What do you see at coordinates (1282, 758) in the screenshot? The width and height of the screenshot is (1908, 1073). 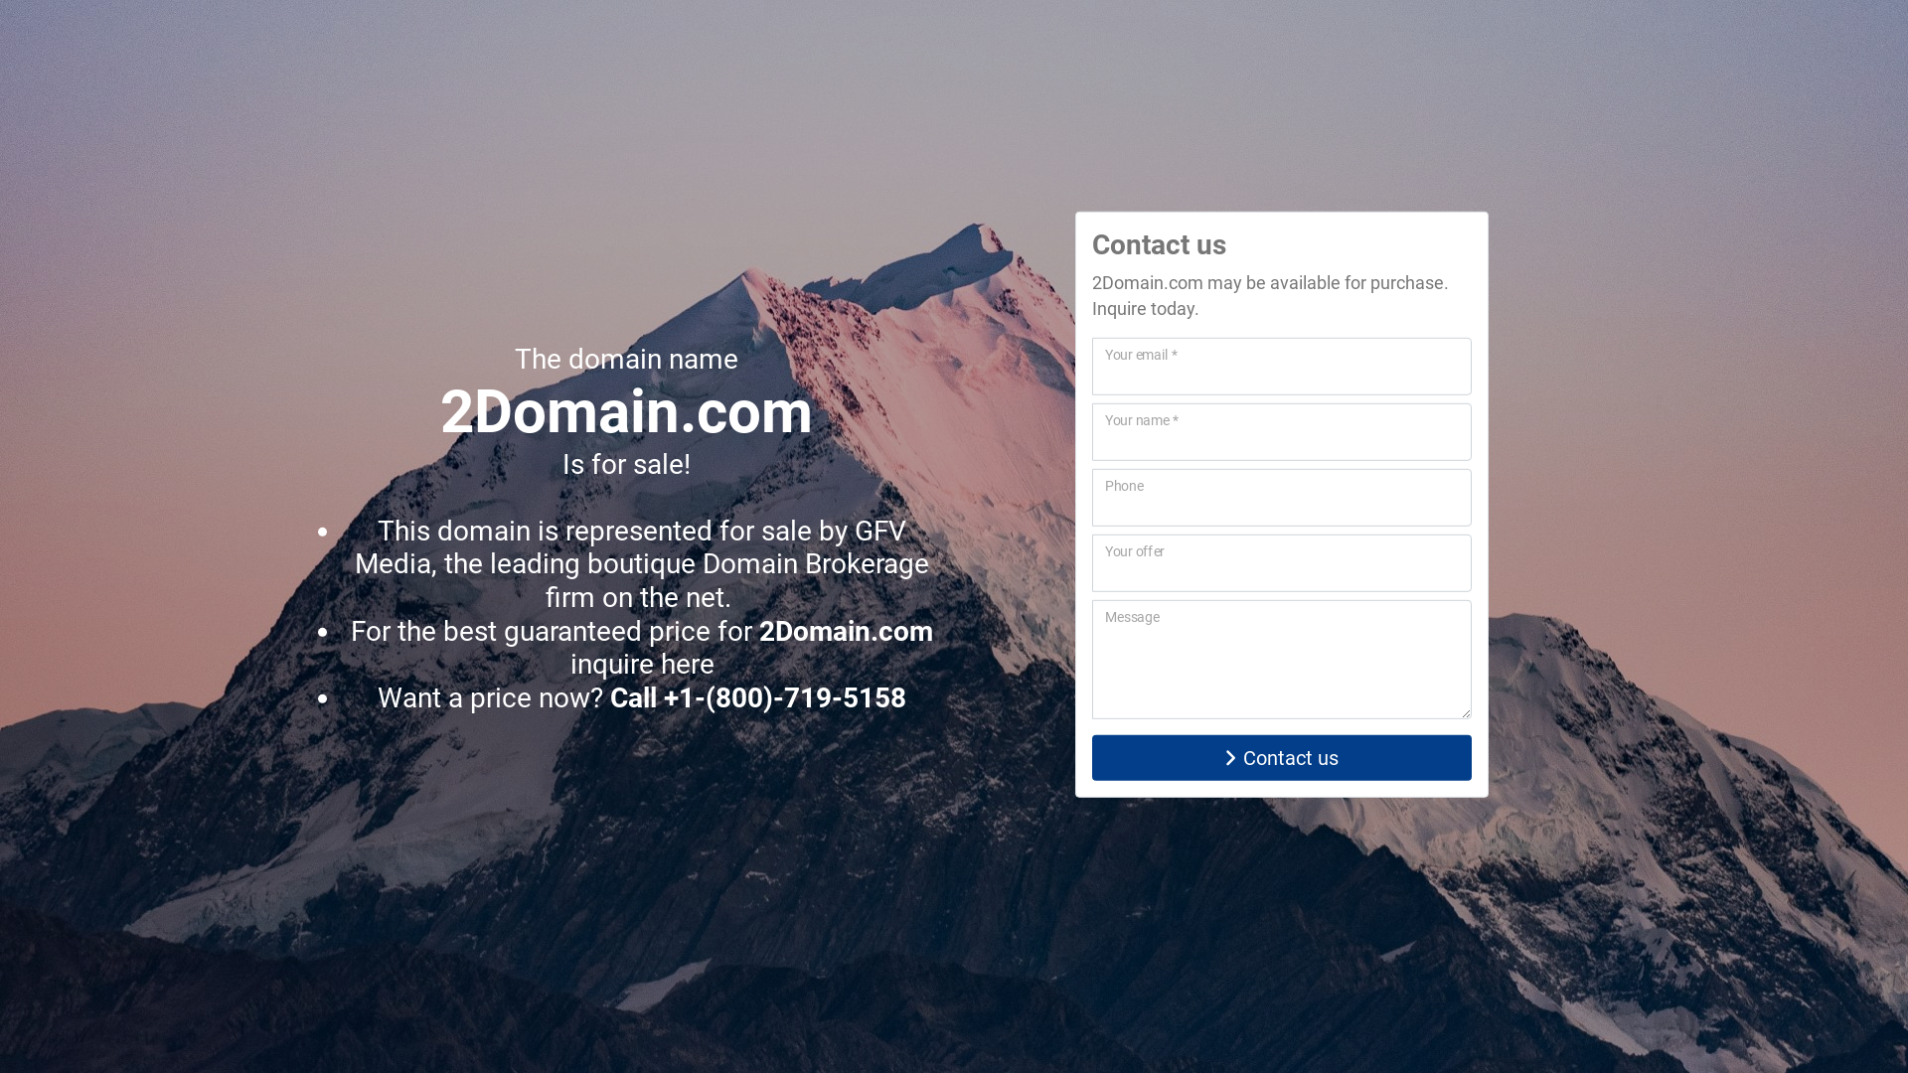 I see `'Contact us'` at bounding box center [1282, 758].